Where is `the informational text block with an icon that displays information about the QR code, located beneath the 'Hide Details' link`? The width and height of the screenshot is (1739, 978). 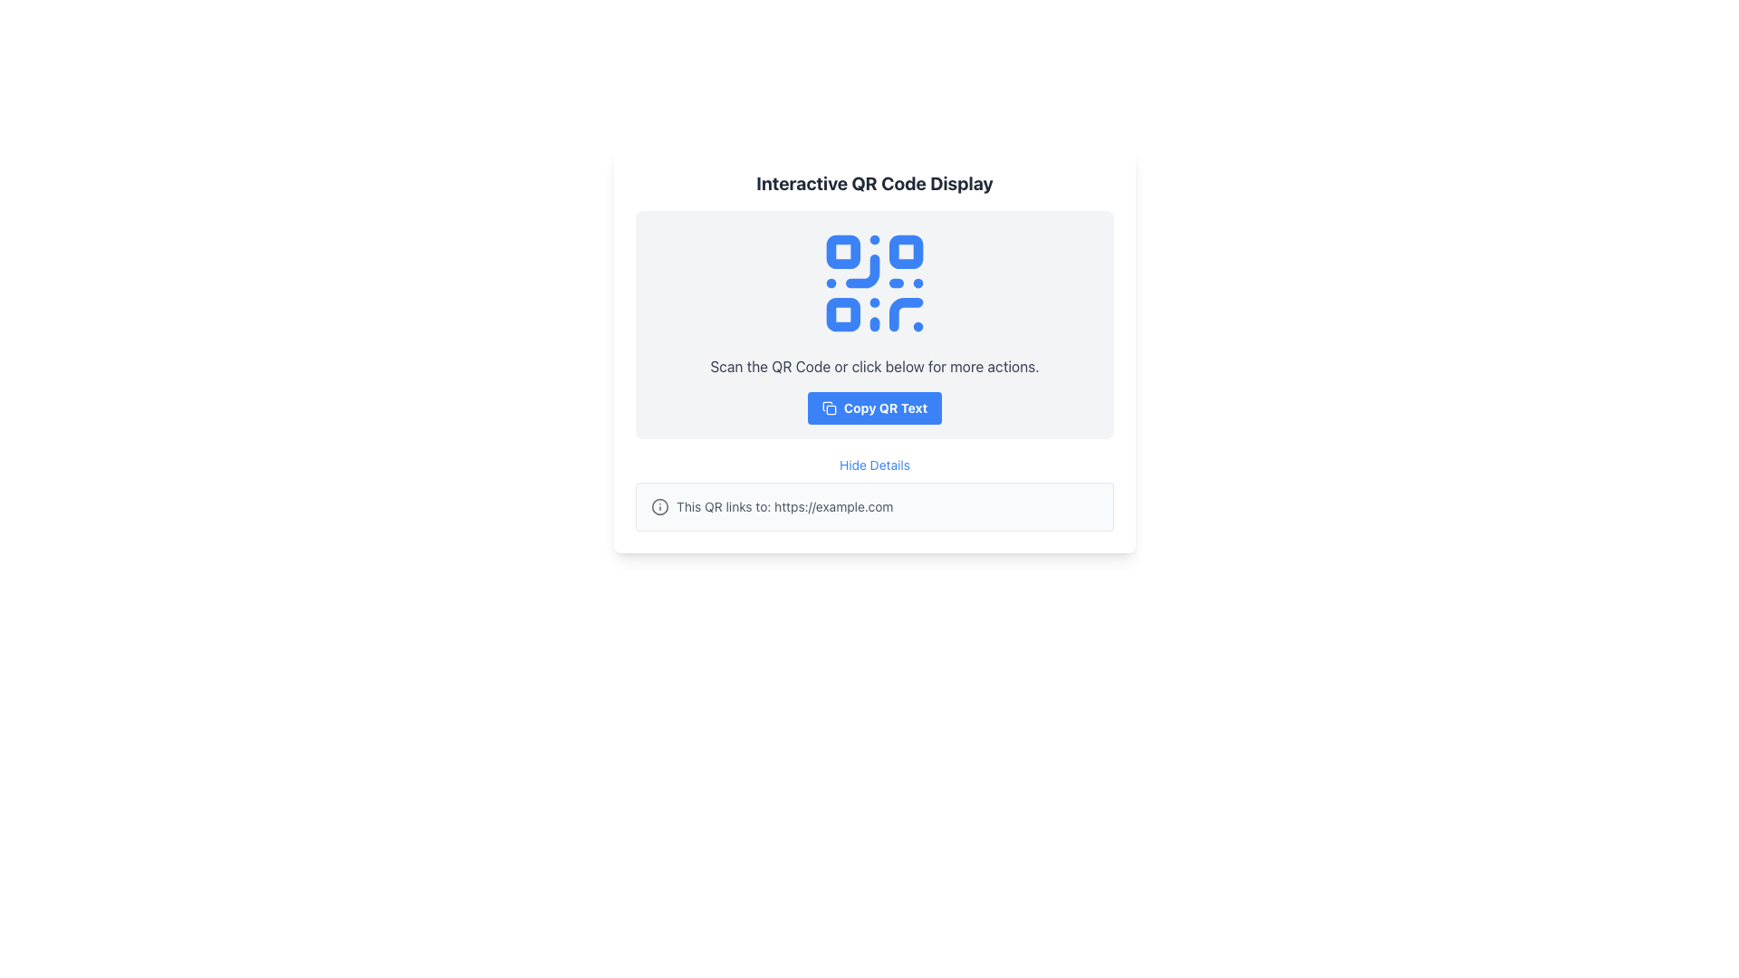 the informational text block with an icon that displays information about the QR code, located beneath the 'Hide Details' link is located at coordinates (874, 506).